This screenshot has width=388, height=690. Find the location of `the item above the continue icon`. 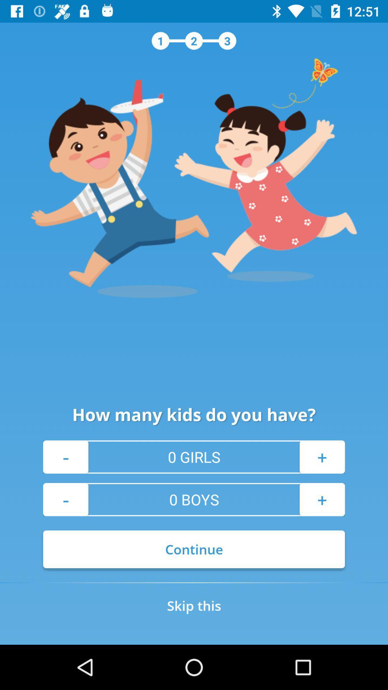

the item above the continue icon is located at coordinates (65, 499).